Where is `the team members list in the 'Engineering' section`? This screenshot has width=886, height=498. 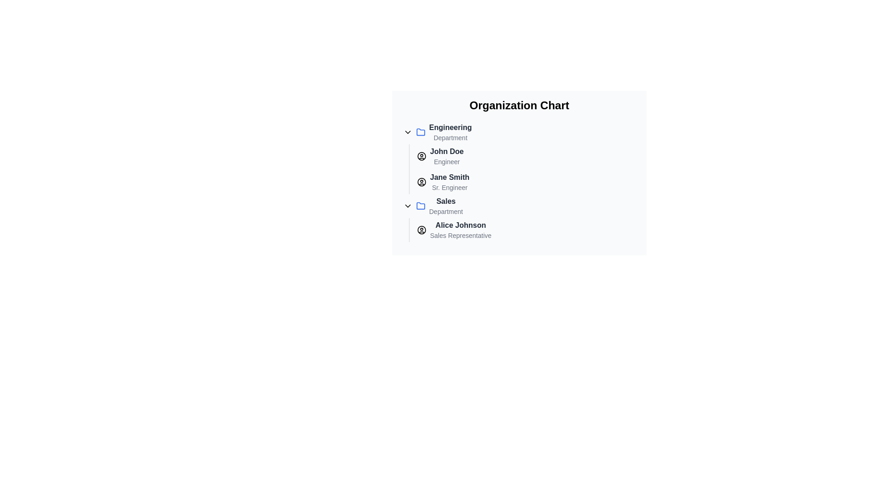 the team members list in the 'Engineering' section is located at coordinates (524, 169).